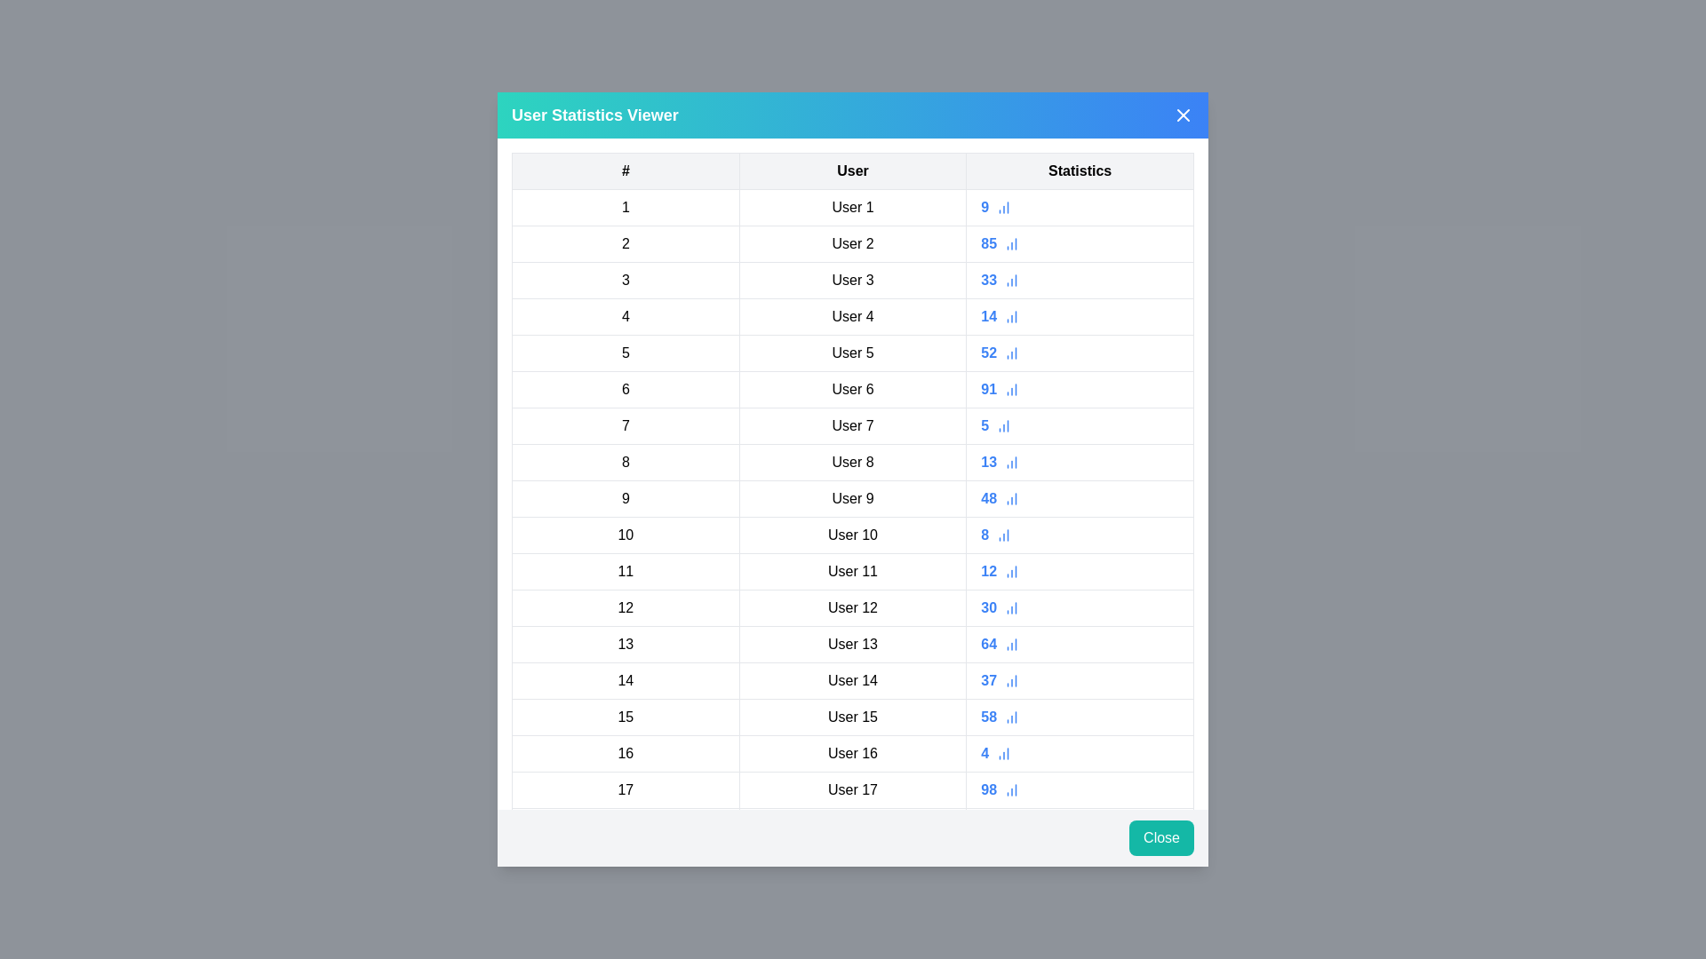 This screenshot has height=959, width=1706. What do you see at coordinates (1160, 838) in the screenshot?
I see `the 'Close' button to close the dialog` at bounding box center [1160, 838].